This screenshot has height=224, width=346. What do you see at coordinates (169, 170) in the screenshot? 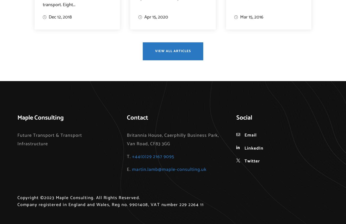
I see `'martin.lamb@maple-consulting.uk'` at bounding box center [169, 170].